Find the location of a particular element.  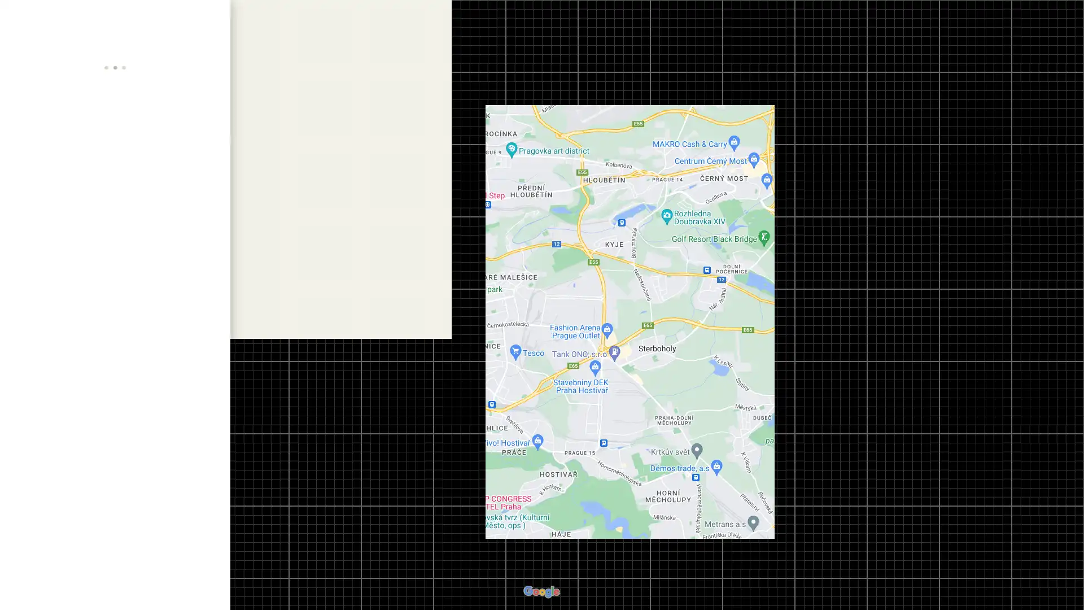

Software company is located at coordinates (46, 181).